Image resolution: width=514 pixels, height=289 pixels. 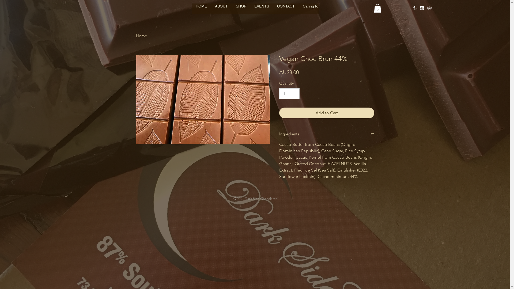 I want to click on 'Add to Cart', so click(x=278, y=112).